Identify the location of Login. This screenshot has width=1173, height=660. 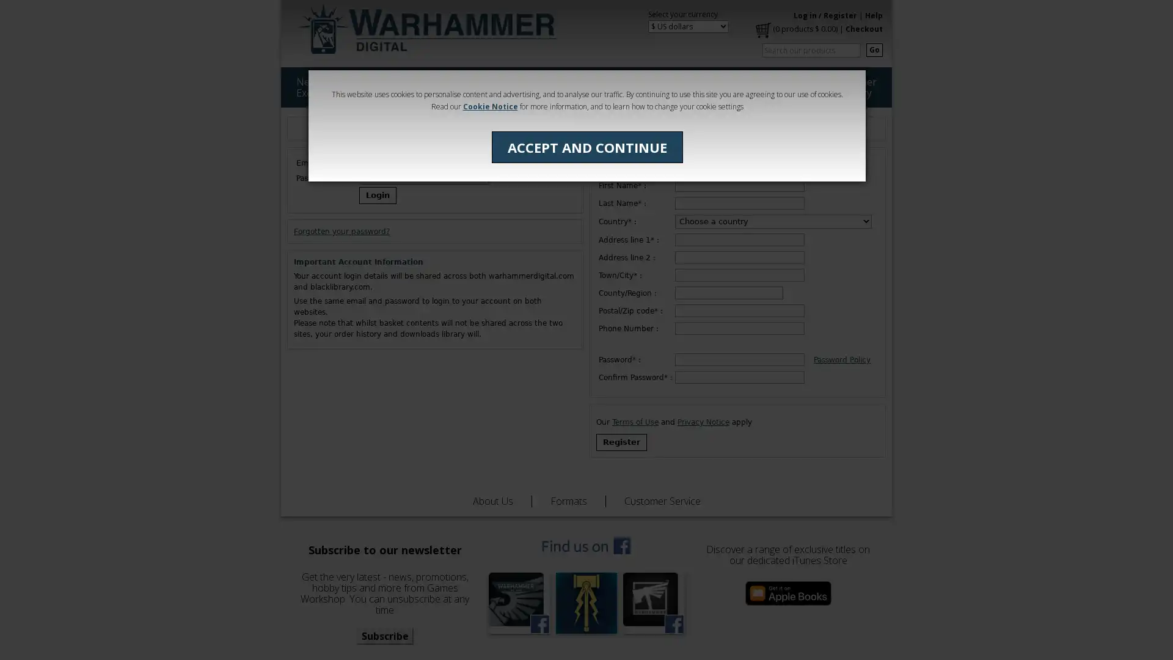
(377, 195).